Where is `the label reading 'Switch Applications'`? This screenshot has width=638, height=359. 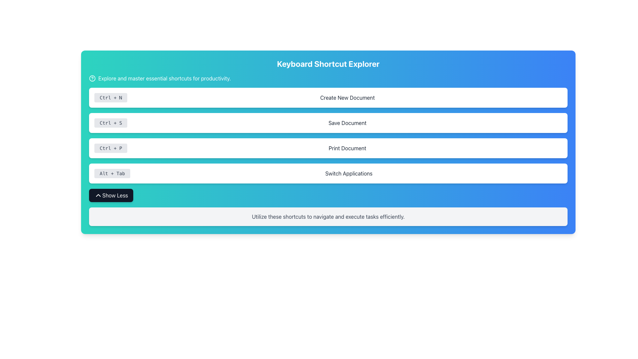 the label reading 'Switch Applications' is located at coordinates (348, 173).